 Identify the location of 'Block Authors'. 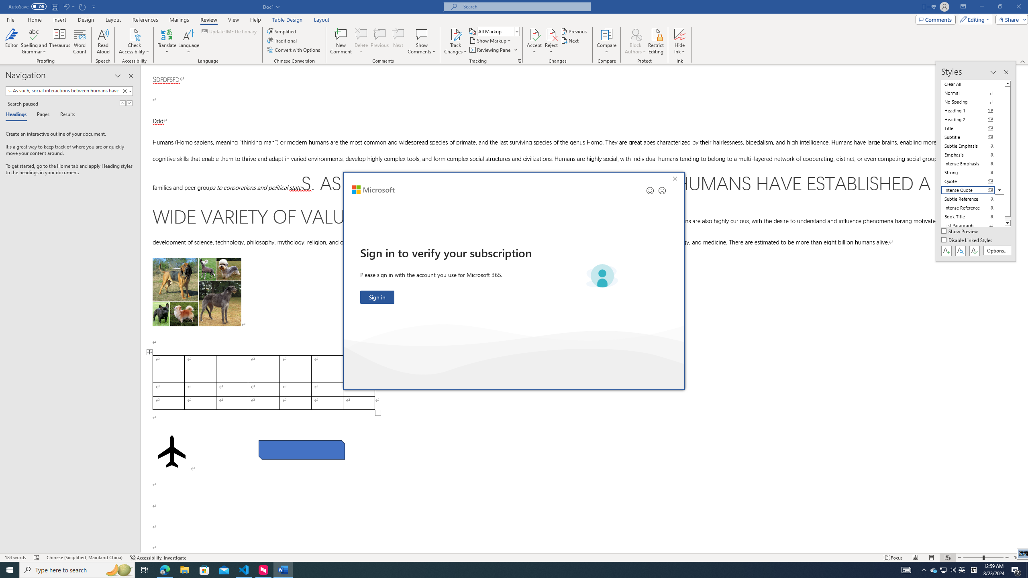
(635, 41).